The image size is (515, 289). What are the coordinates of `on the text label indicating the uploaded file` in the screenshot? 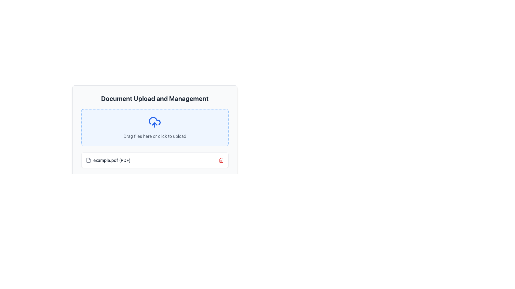 It's located at (108, 160).